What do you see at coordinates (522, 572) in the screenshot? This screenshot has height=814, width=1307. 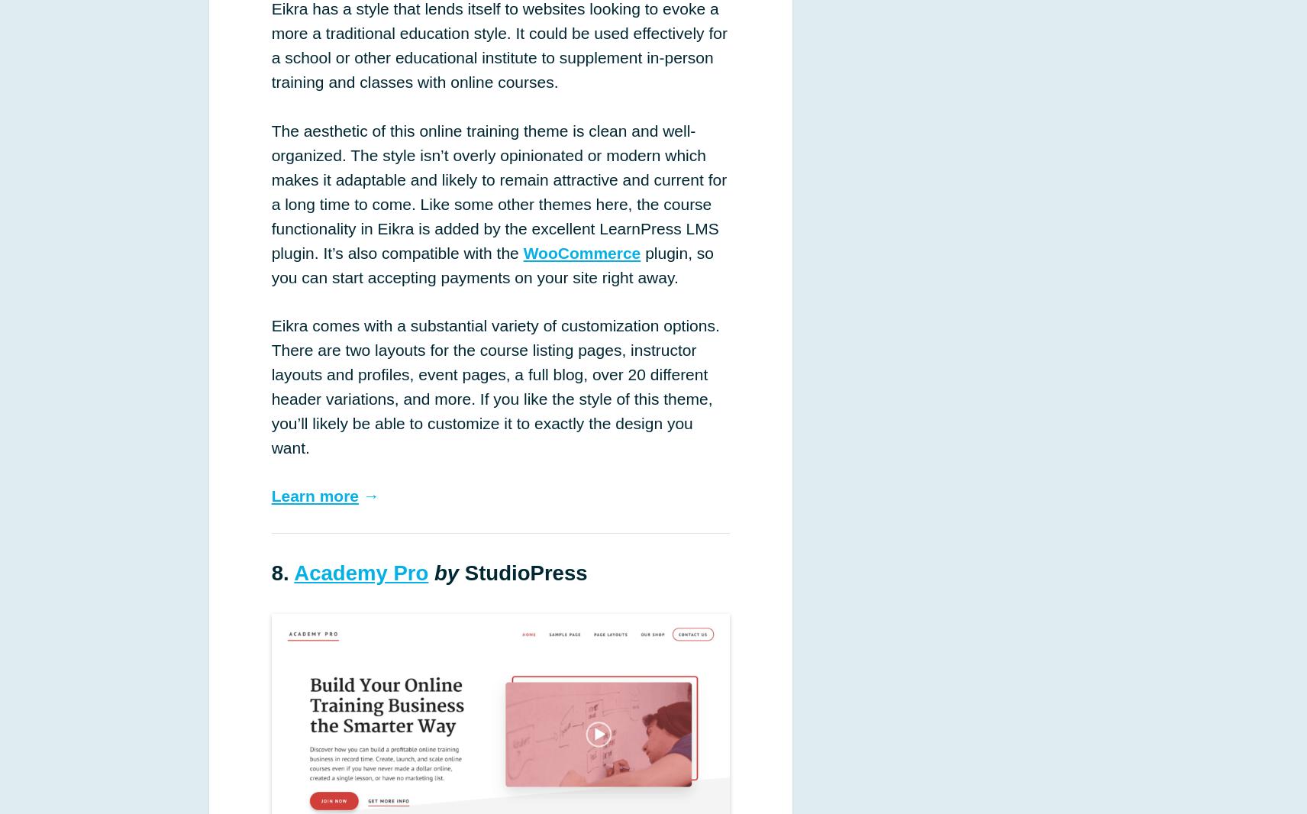 I see `'StudioPress'` at bounding box center [522, 572].